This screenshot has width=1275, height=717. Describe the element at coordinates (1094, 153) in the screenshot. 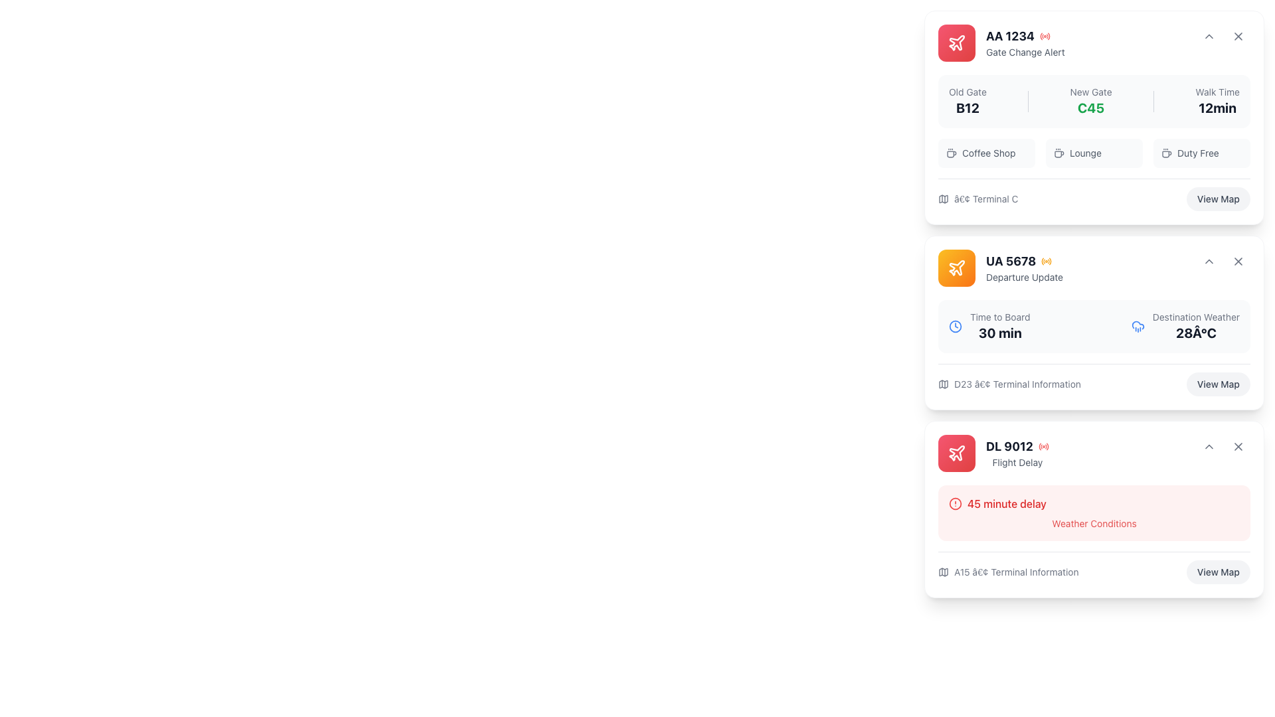

I see `the 'Lounge' button, which is the second item in a row of three options near the bottom of the flight AA 1234 card` at that location.